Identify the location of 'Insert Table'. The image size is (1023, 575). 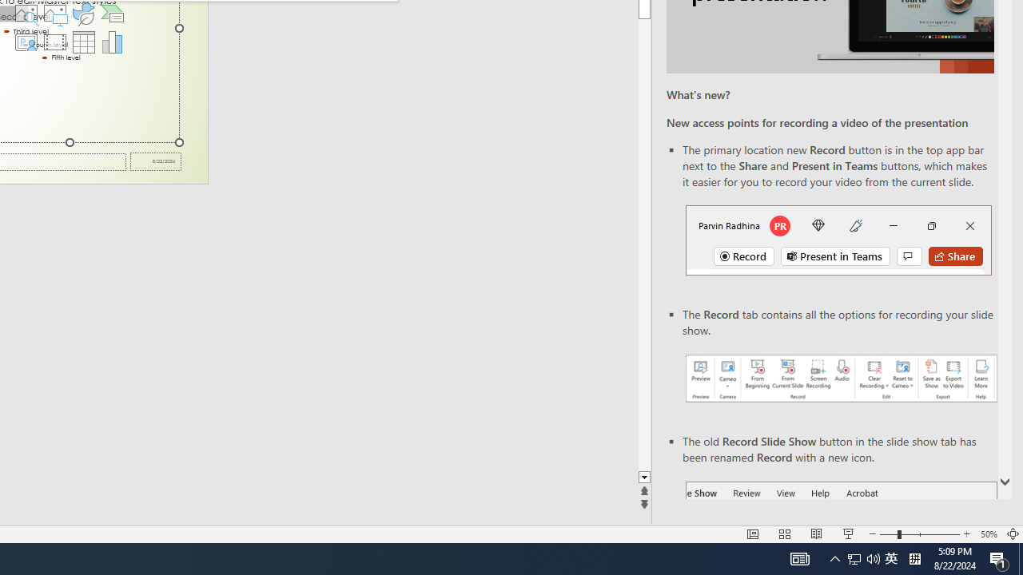
(83, 41).